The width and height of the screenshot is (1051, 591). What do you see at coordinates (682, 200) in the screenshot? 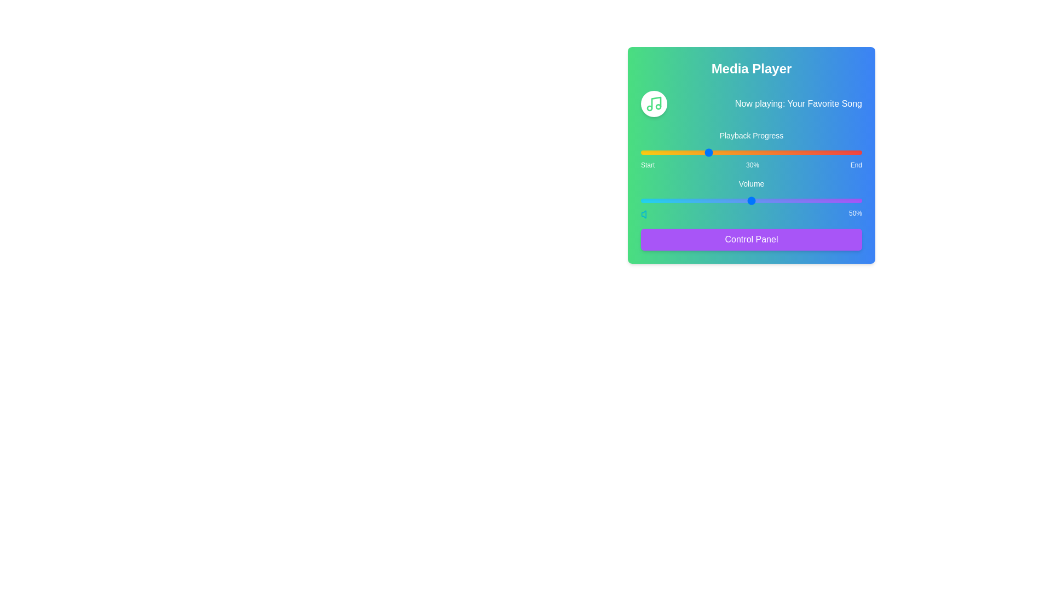
I see `the volume slider to 19%` at bounding box center [682, 200].